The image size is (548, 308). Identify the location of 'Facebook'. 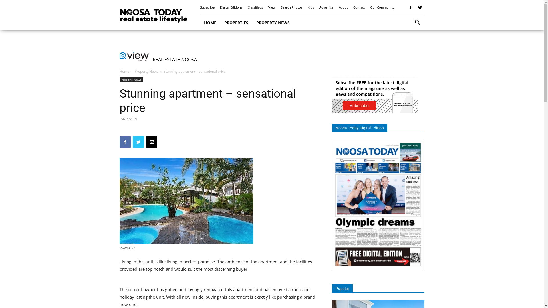
(124, 141).